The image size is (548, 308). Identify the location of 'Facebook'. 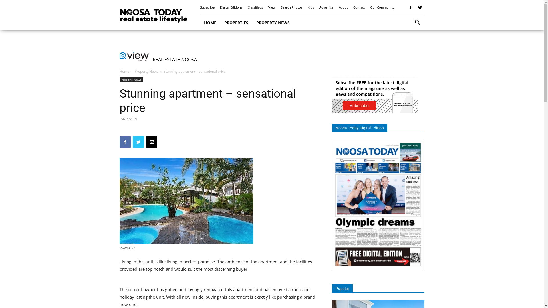
(124, 141).